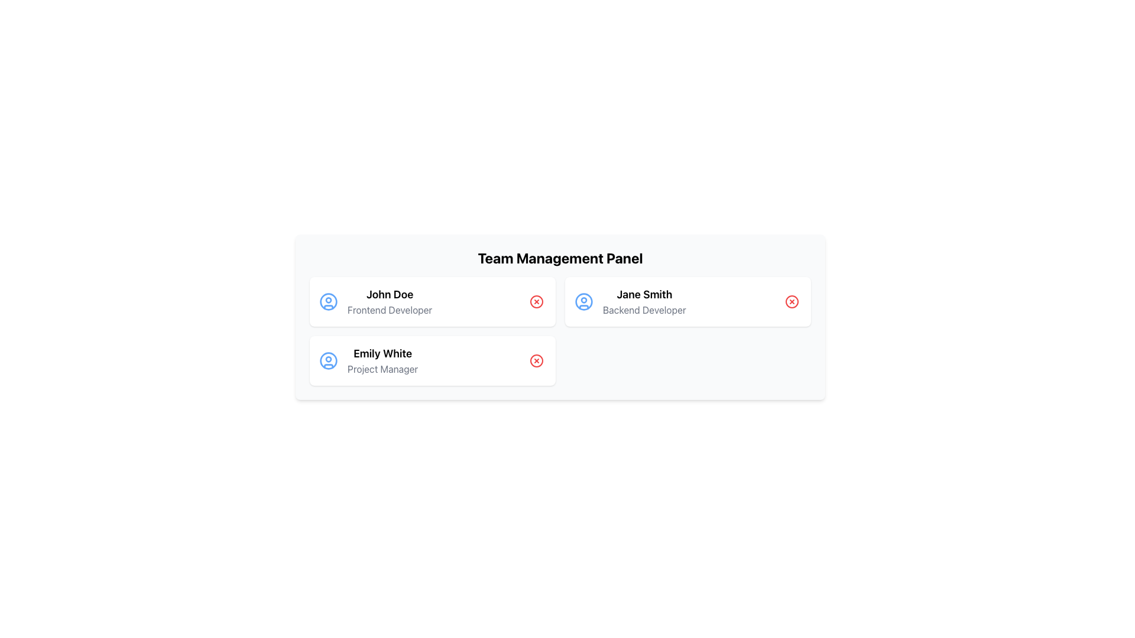  What do you see at coordinates (644, 294) in the screenshot?
I see `the static text display element that serves as the primary identifier of a team member, located in the right-most column of the team management panel` at bounding box center [644, 294].